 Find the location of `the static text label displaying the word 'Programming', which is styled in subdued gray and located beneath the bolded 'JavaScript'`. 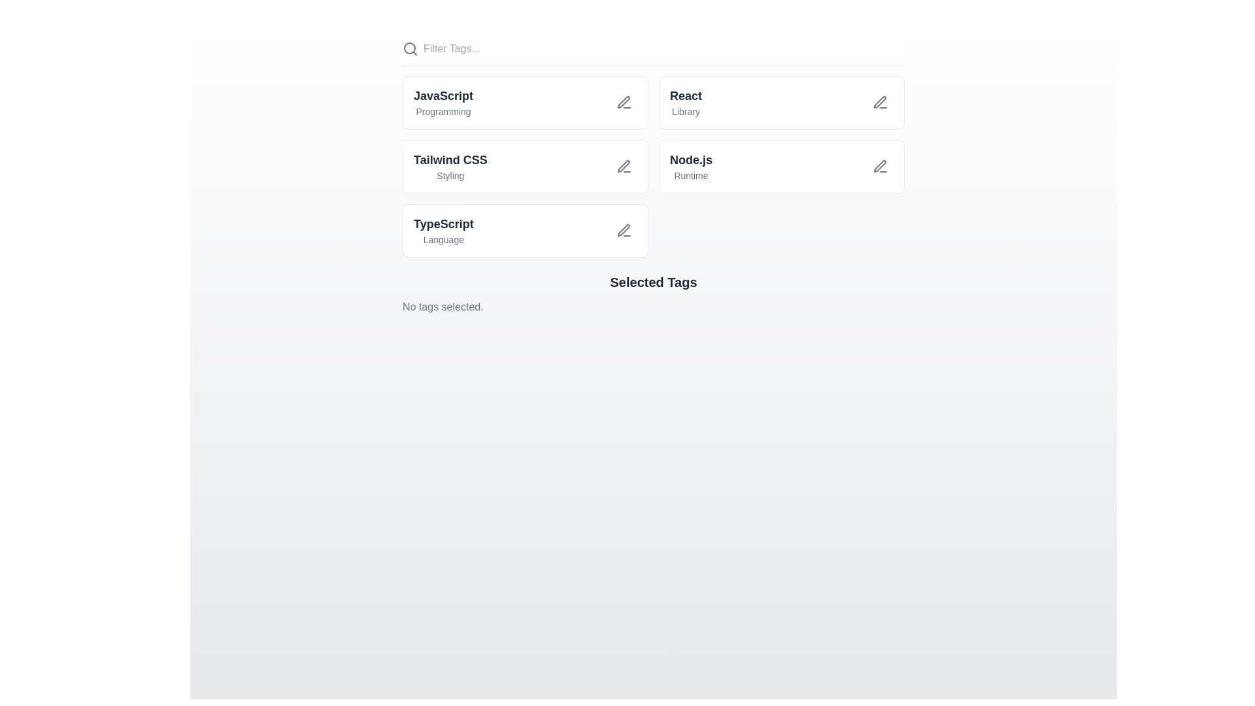

the static text label displaying the word 'Programming', which is styled in subdued gray and located beneath the bolded 'JavaScript' is located at coordinates (443, 110).